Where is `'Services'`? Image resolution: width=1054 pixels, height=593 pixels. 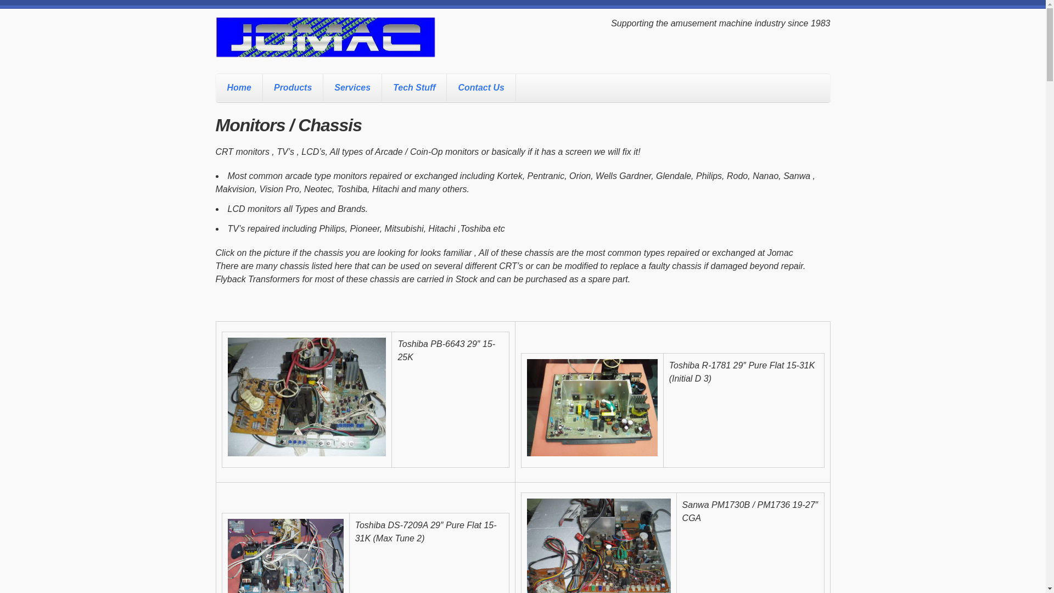 'Services' is located at coordinates (352, 87).